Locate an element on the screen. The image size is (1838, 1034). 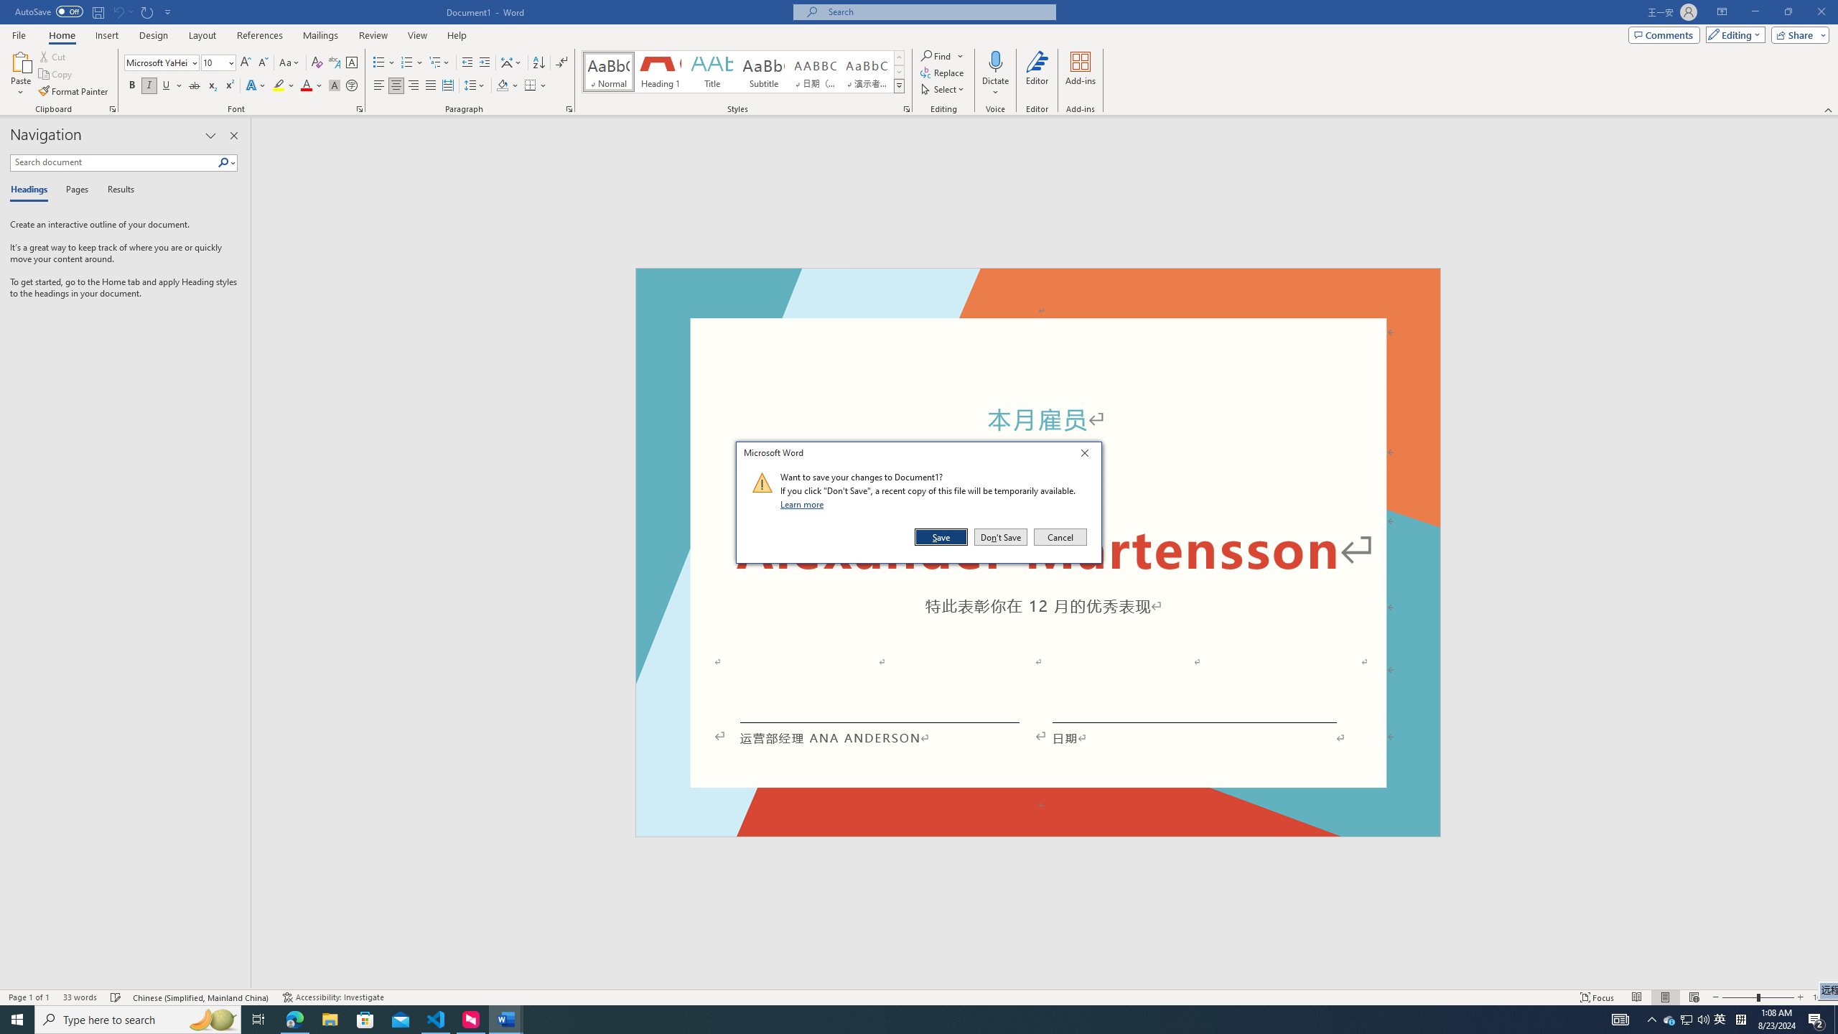
'Text Highlight Color Yellow' is located at coordinates (278, 85).